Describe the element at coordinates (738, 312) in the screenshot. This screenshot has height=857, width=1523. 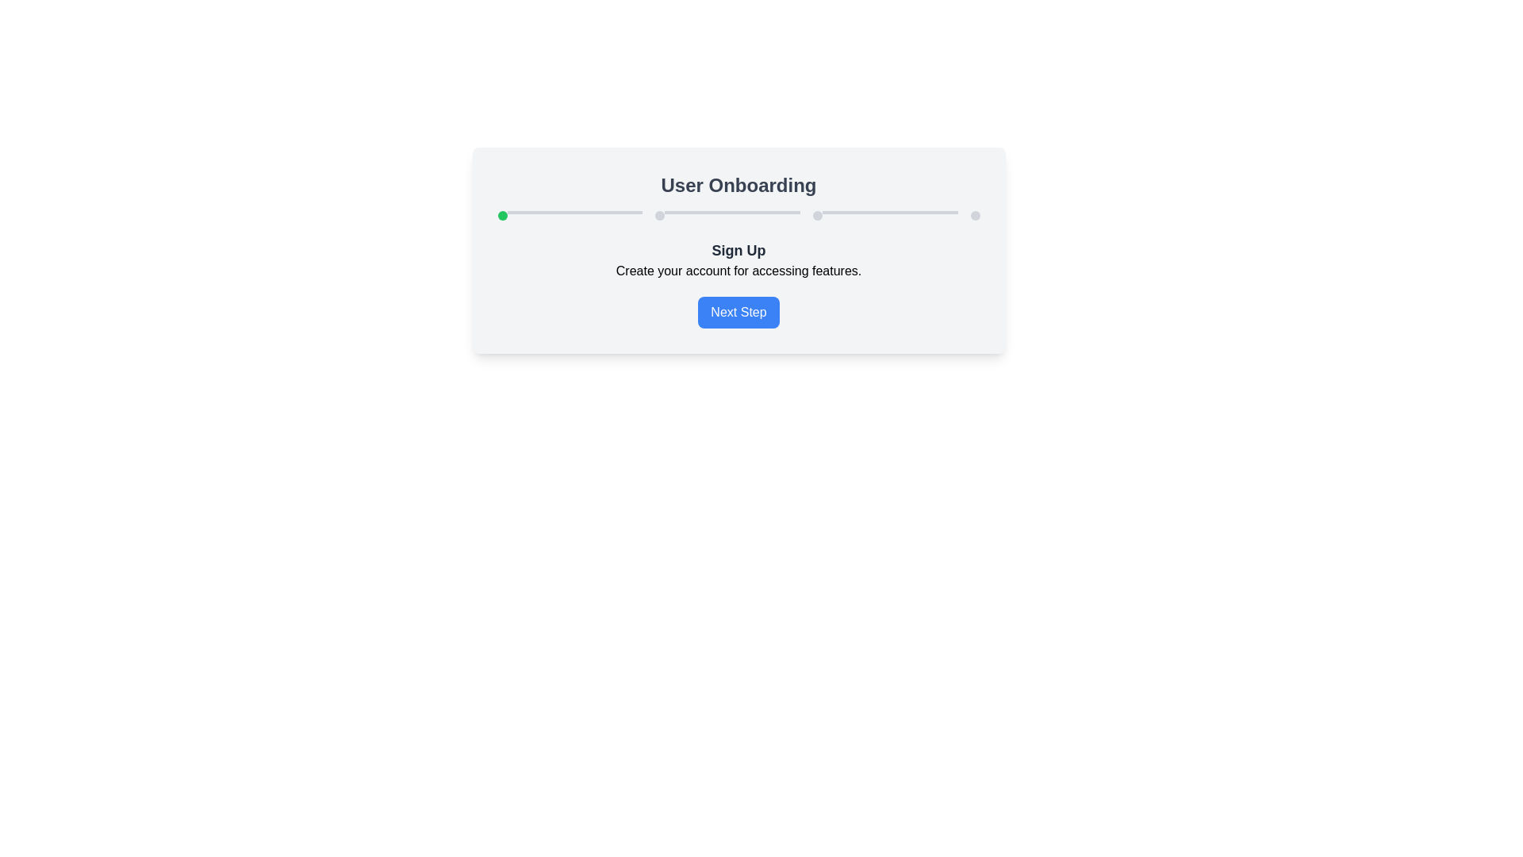
I see `the 'Next Step' button located at the bottom-center of its section, below the 'Sign Up Create your account for accessing features.' text to proceed to the next step` at that location.